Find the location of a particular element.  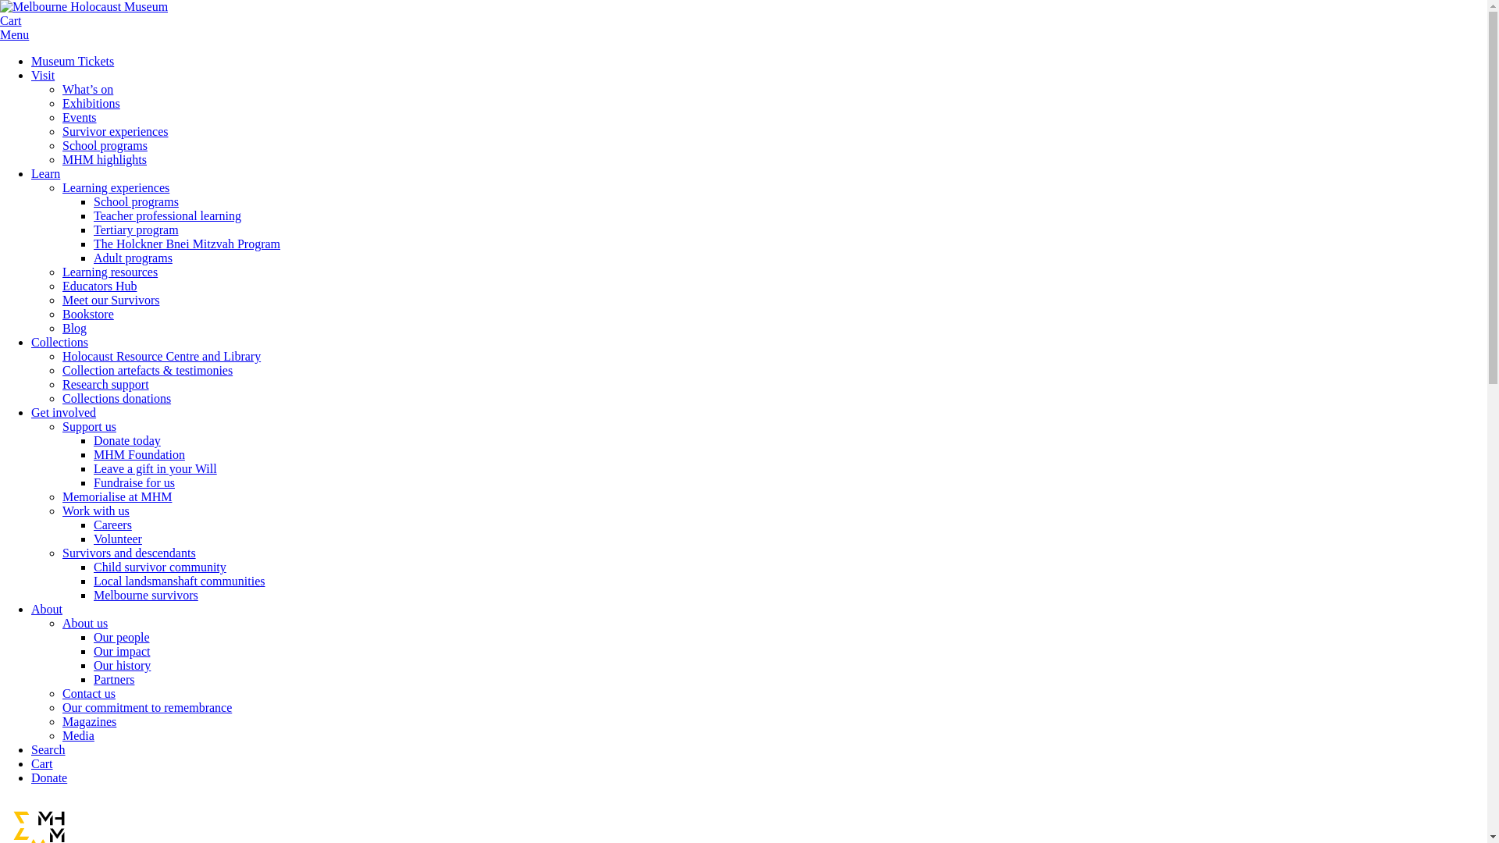

'Museum Tickets' is located at coordinates (71, 60).